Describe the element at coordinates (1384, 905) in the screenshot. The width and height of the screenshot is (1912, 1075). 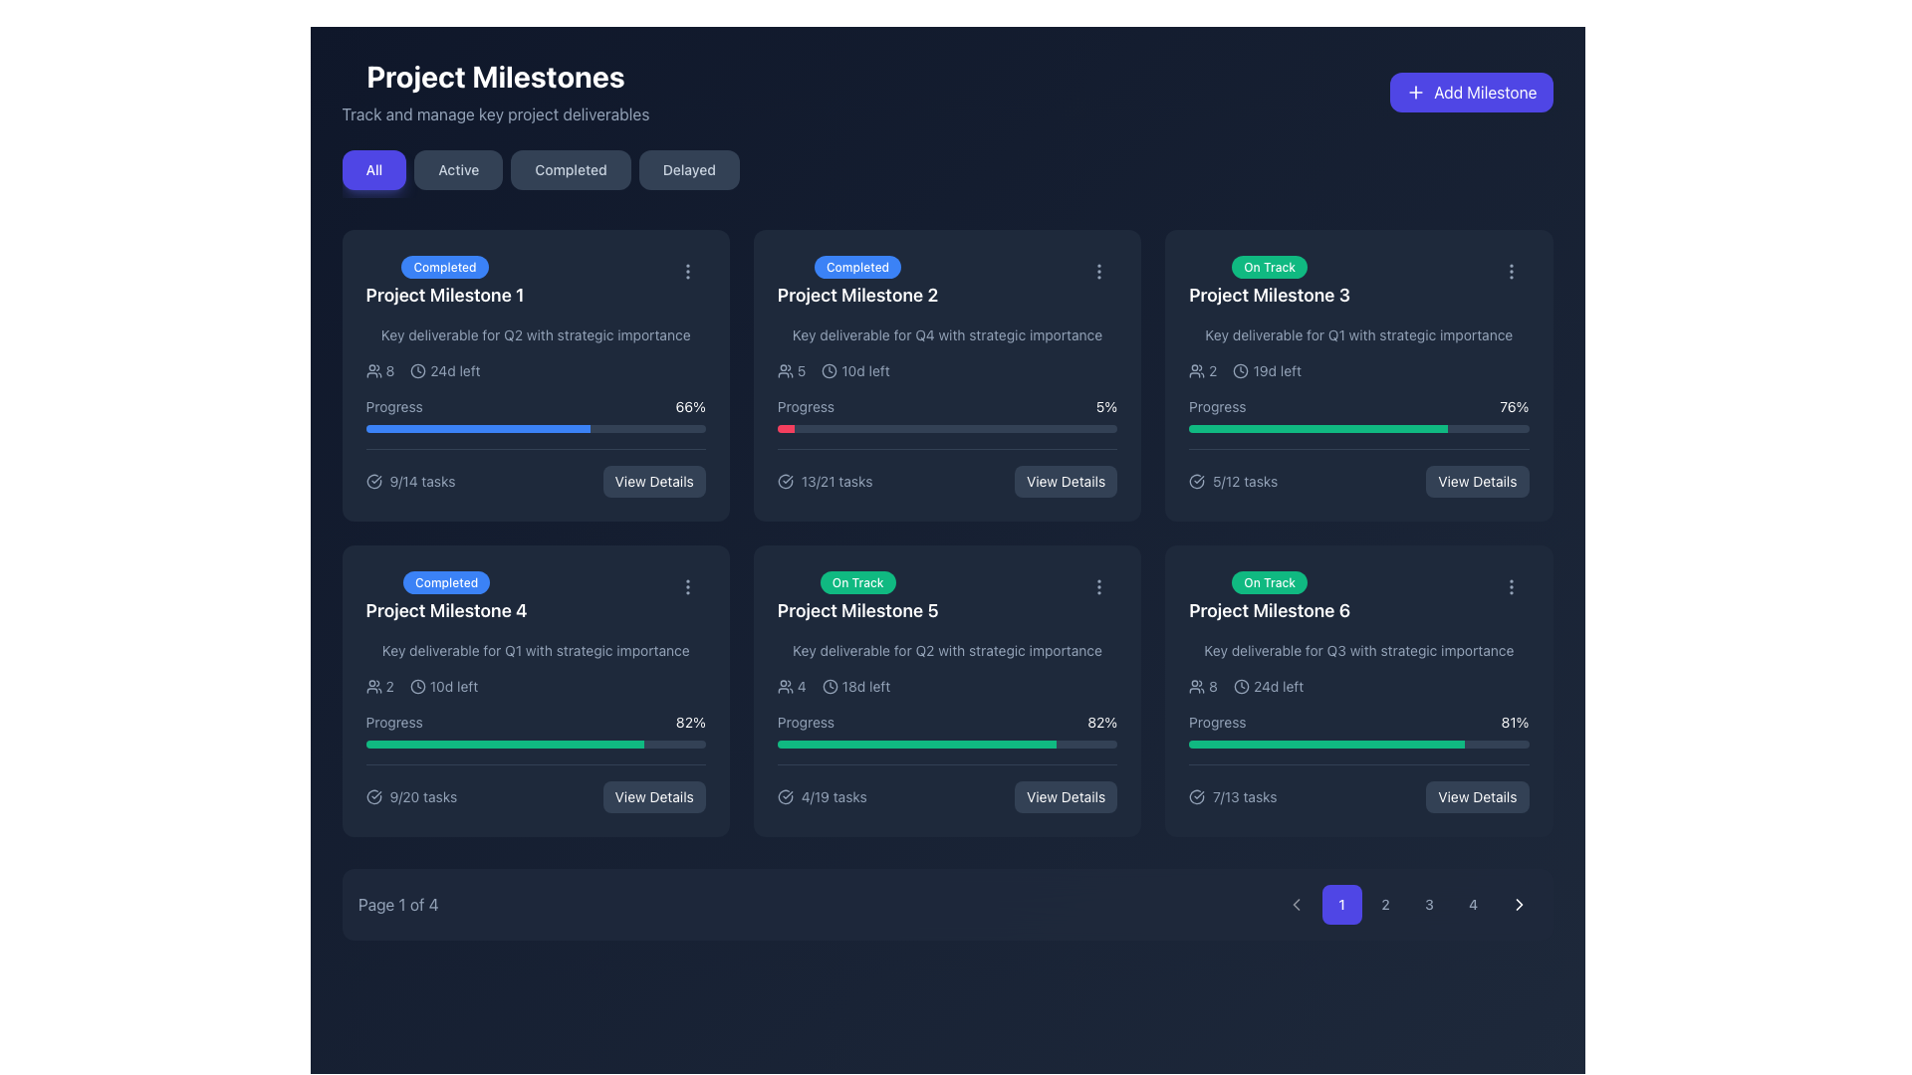
I see `the second page navigation button in the pagination control` at that location.